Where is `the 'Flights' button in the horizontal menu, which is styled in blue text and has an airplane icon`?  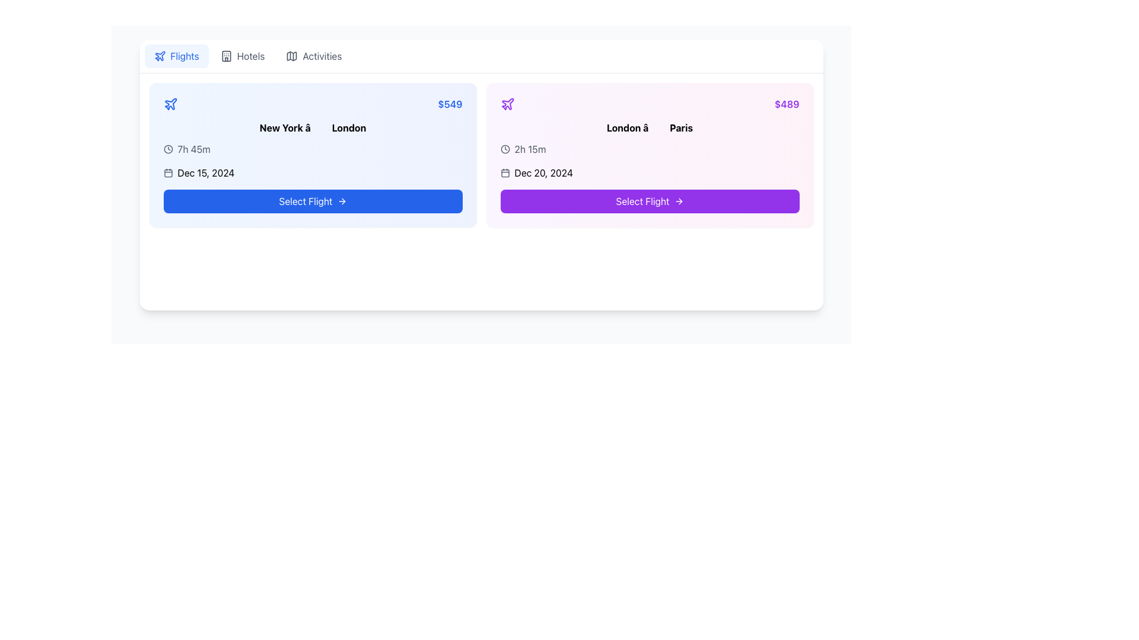 the 'Flights' button in the horizontal menu, which is styled in blue text and has an airplane icon is located at coordinates (176, 56).